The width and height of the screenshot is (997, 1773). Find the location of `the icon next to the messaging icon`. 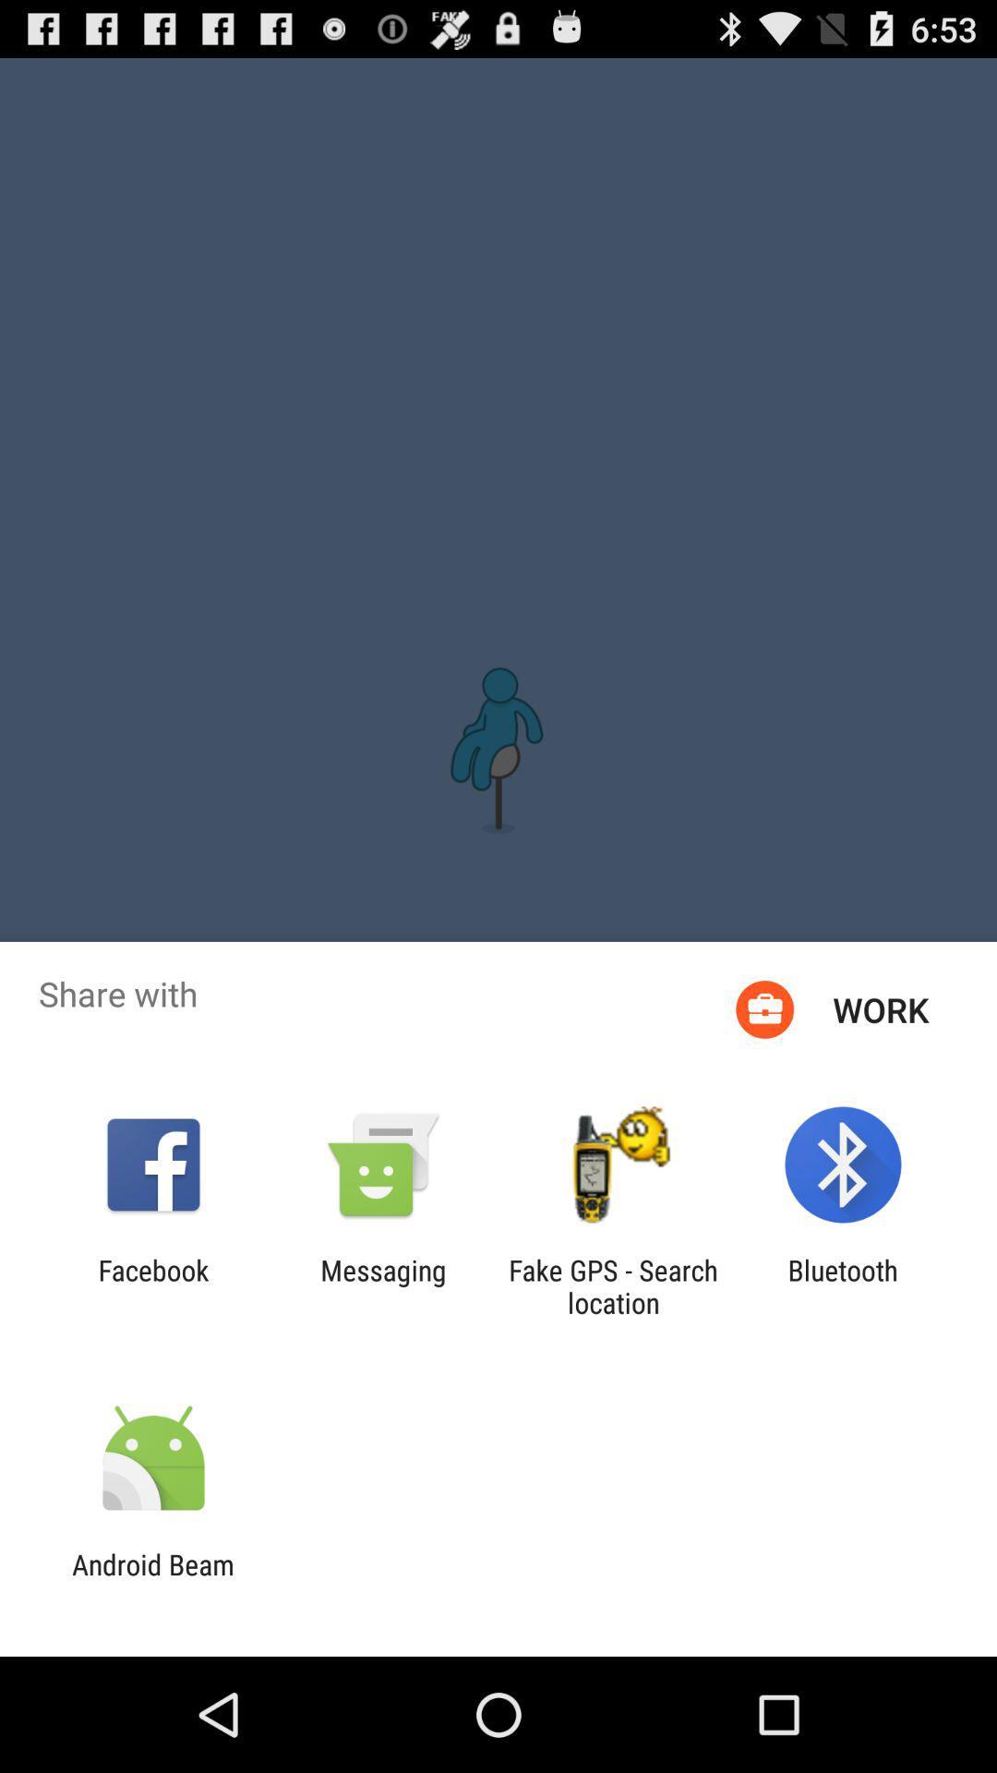

the icon next to the messaging icon is located at coordinates (613, 1285).